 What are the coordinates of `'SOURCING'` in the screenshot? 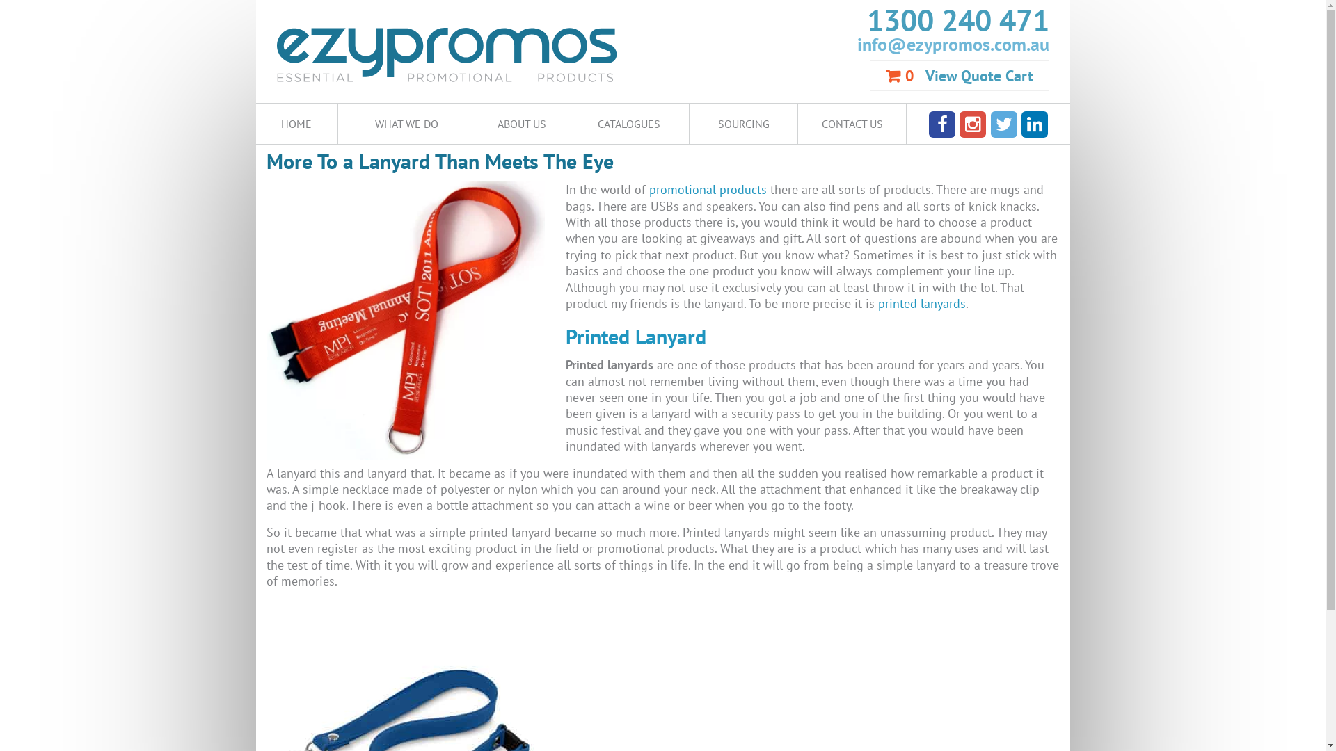 It's located at (742, 122).